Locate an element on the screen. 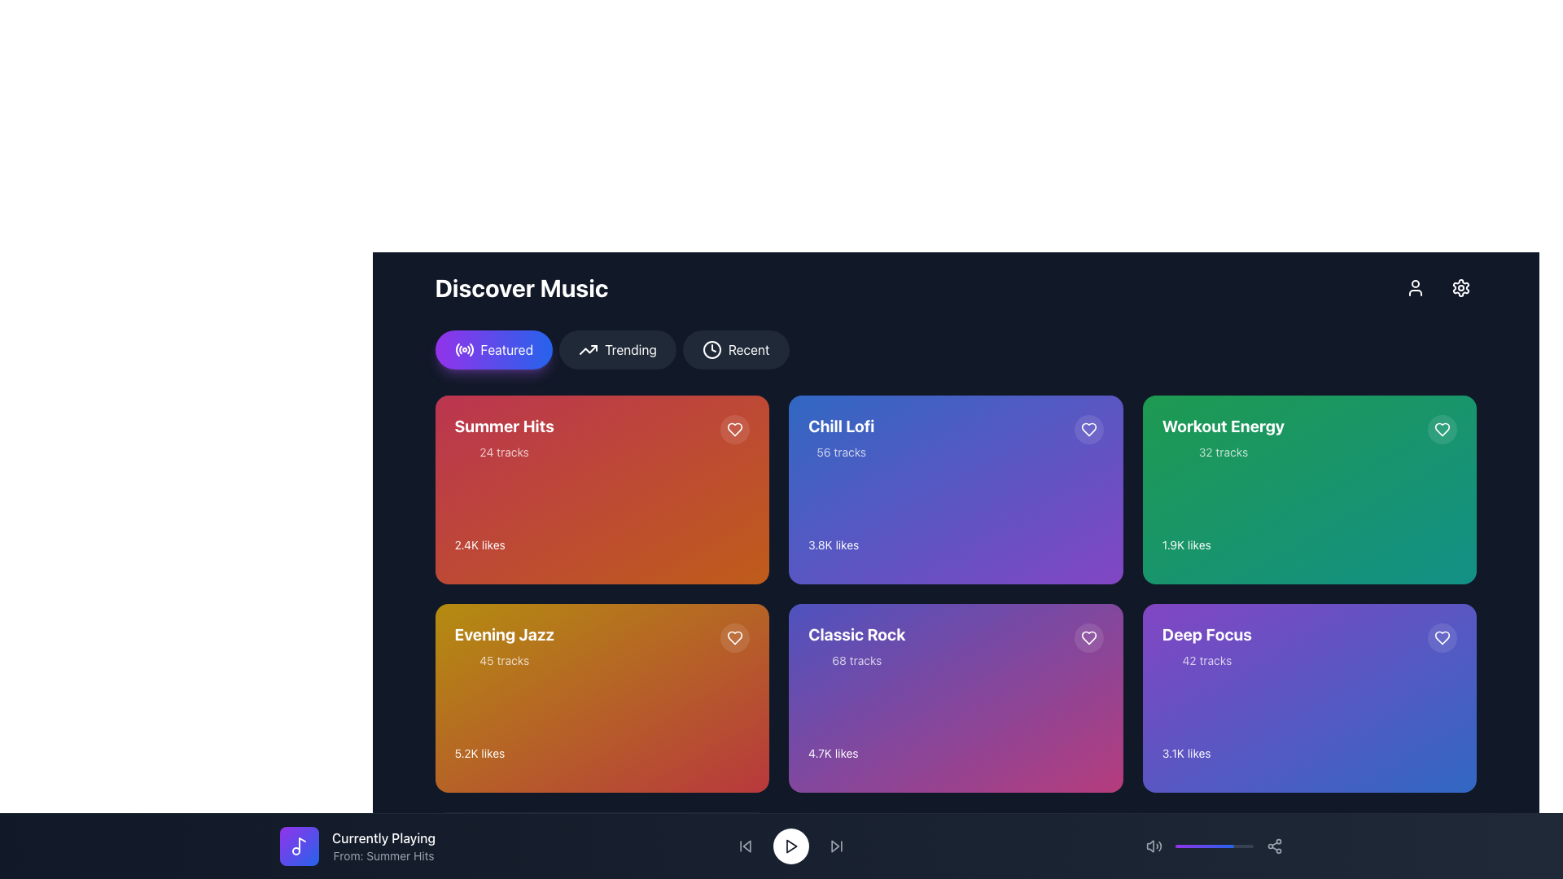 The height and width of the screenshot is (879, 1563). the music playlist card located at the top-left corner of the grid layout under the heading 'Discover Music' is located at coordinates (601, 488).